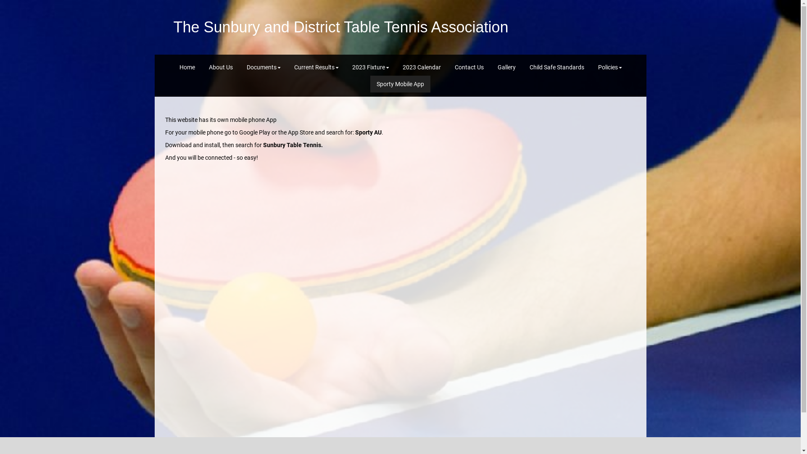 This screenshot has height=454, width=807. What do you see at coordinates (345, 66) in the screenshot?
I see `'2023 Fixture'` at bounding box center [345, 66].